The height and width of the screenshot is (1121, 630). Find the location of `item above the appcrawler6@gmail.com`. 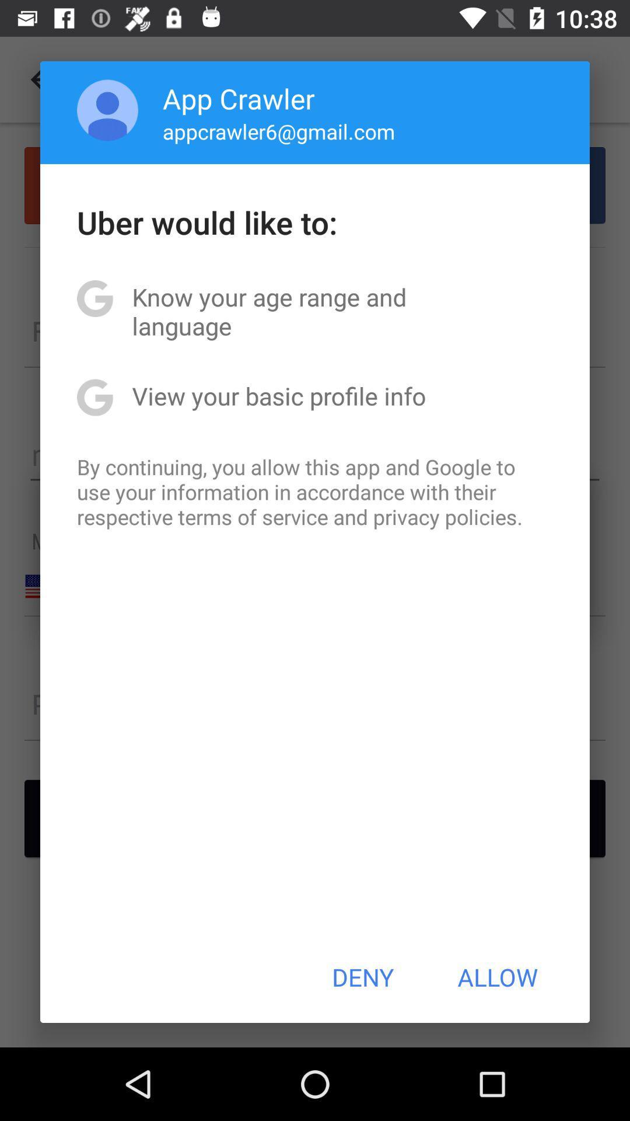

item above the appcrawler6@gmail.com is located at coordinates (238, 98).